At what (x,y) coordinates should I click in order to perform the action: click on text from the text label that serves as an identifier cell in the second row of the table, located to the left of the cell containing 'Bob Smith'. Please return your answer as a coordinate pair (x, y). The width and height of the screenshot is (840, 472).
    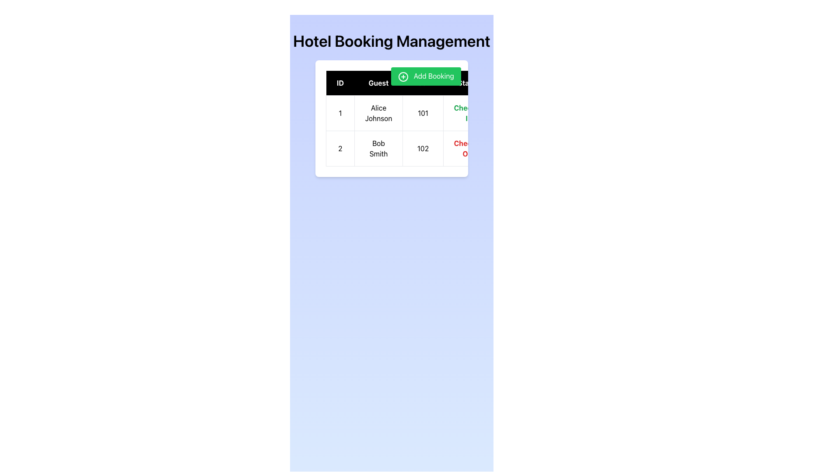
    Looking at the image, I should click on (339, 148).